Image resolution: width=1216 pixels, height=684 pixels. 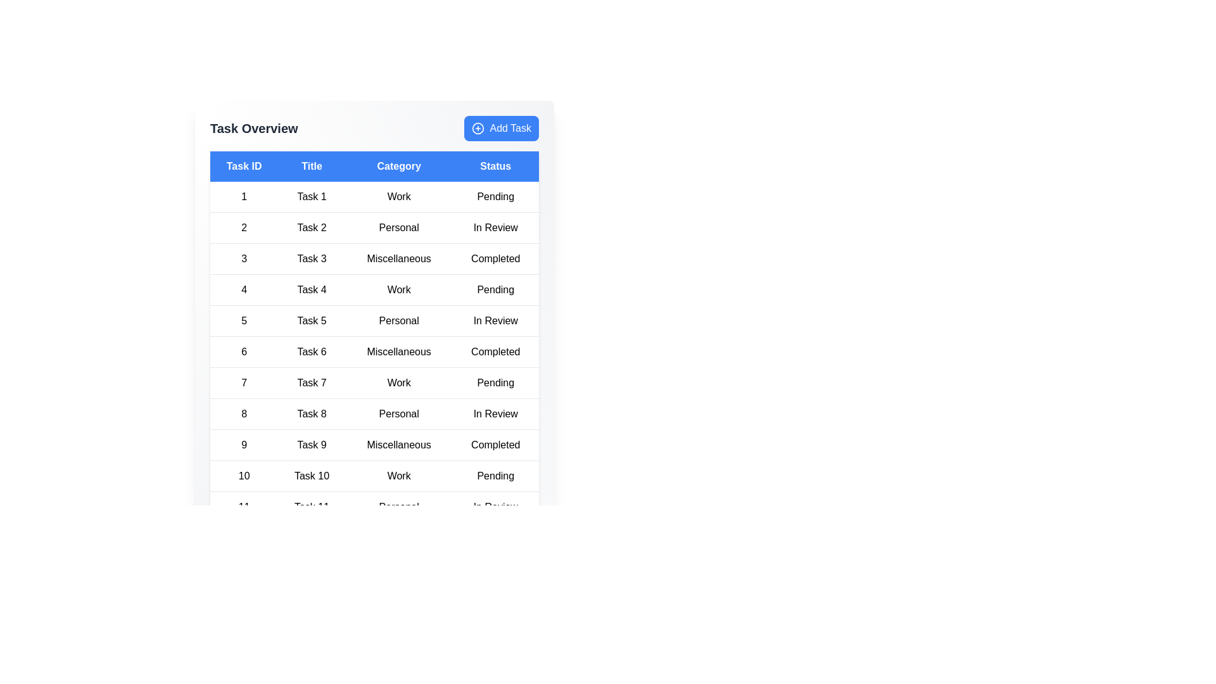 What do you see at coordinates (495, 165) in the screenshot?
I see `the header corresponding to Status to sort the table by that column` at bounding box center [495, 165].